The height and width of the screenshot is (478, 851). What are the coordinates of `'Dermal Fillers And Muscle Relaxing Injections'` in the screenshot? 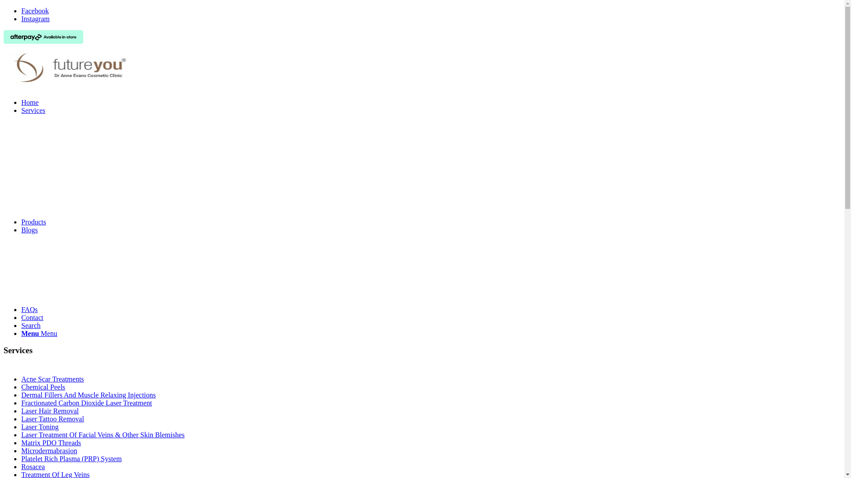 It's located at (89, 394).